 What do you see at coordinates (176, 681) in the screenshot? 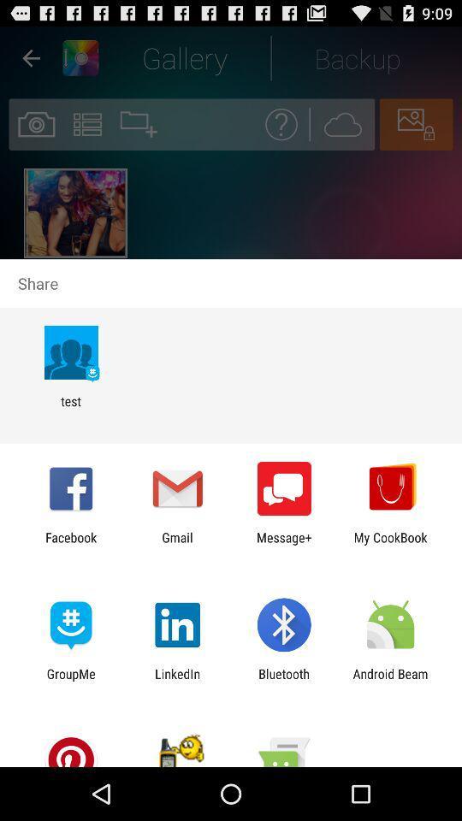
I see `item to the left of the bluetooth icon` at bounding box center [176, 681].